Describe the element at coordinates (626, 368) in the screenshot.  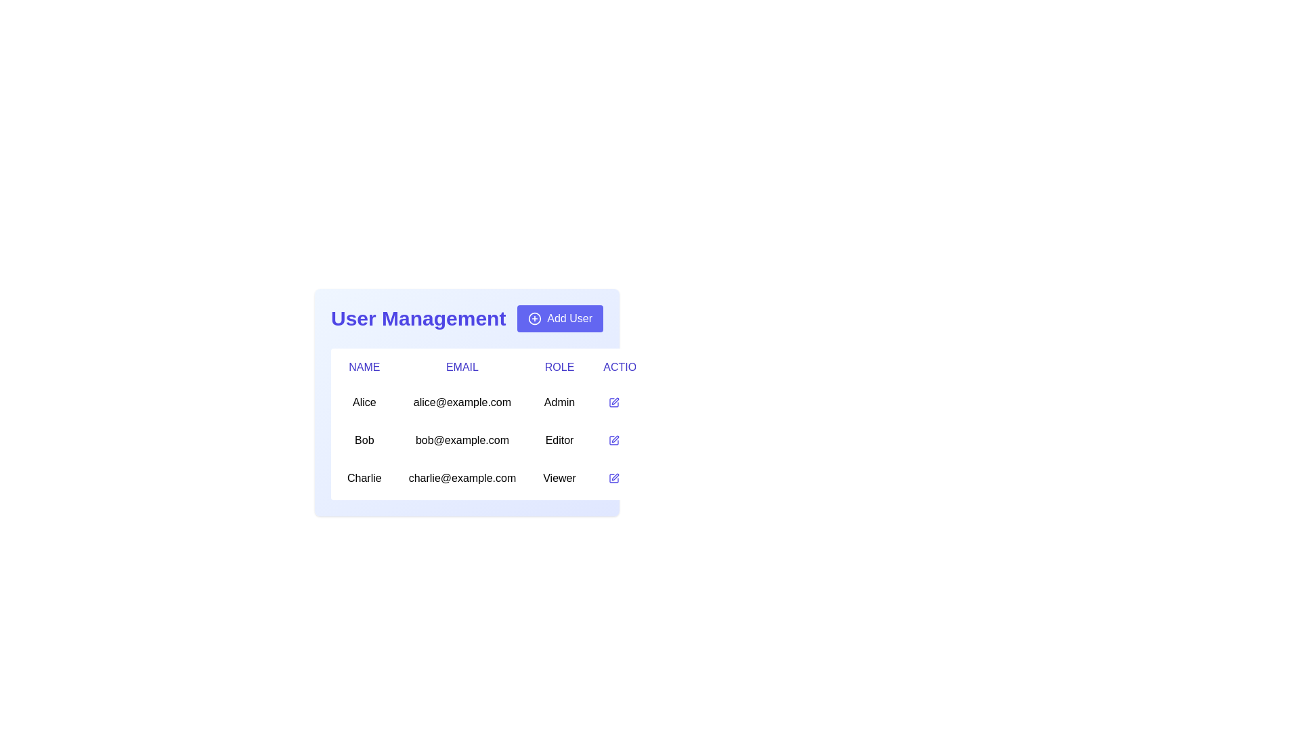
I see `the 'Actions' header in the user management table, which is the fourth item in the row of headers, positioned to the right of the 'ROLE' column header` at that location.